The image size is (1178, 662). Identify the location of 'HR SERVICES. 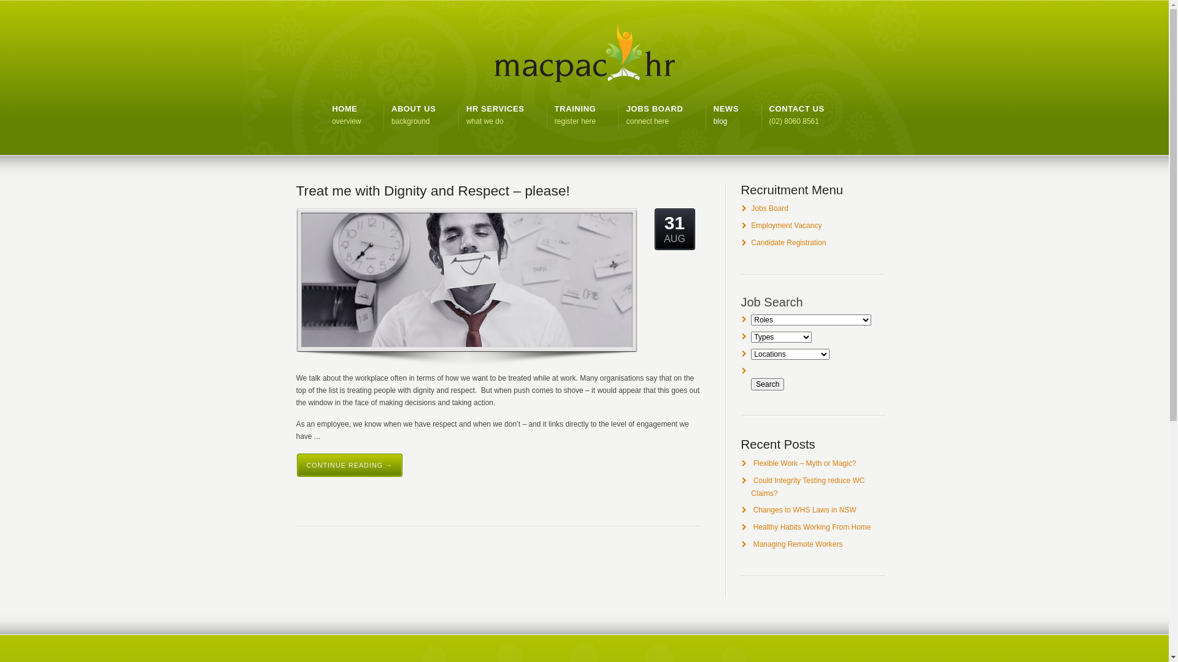
(495, 115).